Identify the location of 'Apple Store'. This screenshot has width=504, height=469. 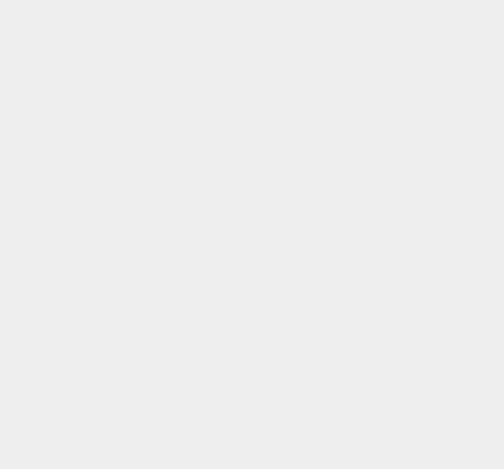
(371, 91).